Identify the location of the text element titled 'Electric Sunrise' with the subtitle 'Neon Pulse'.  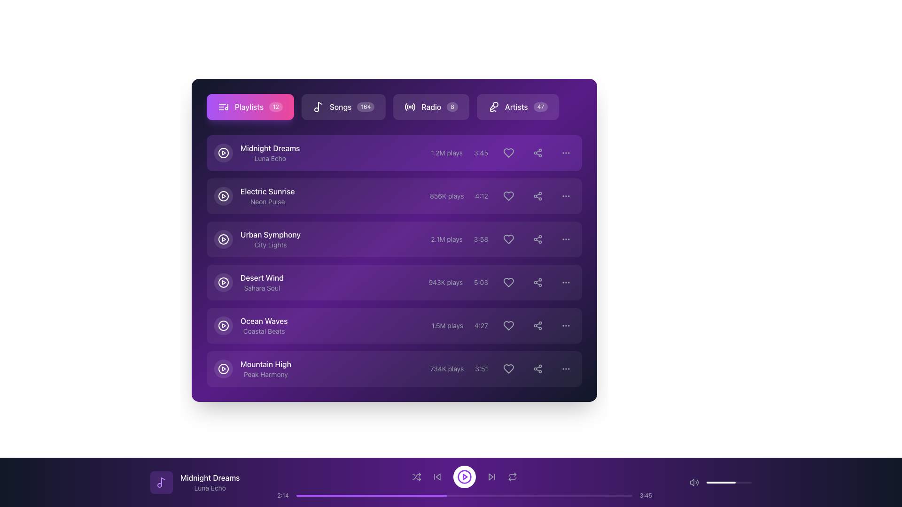
(267, 195).